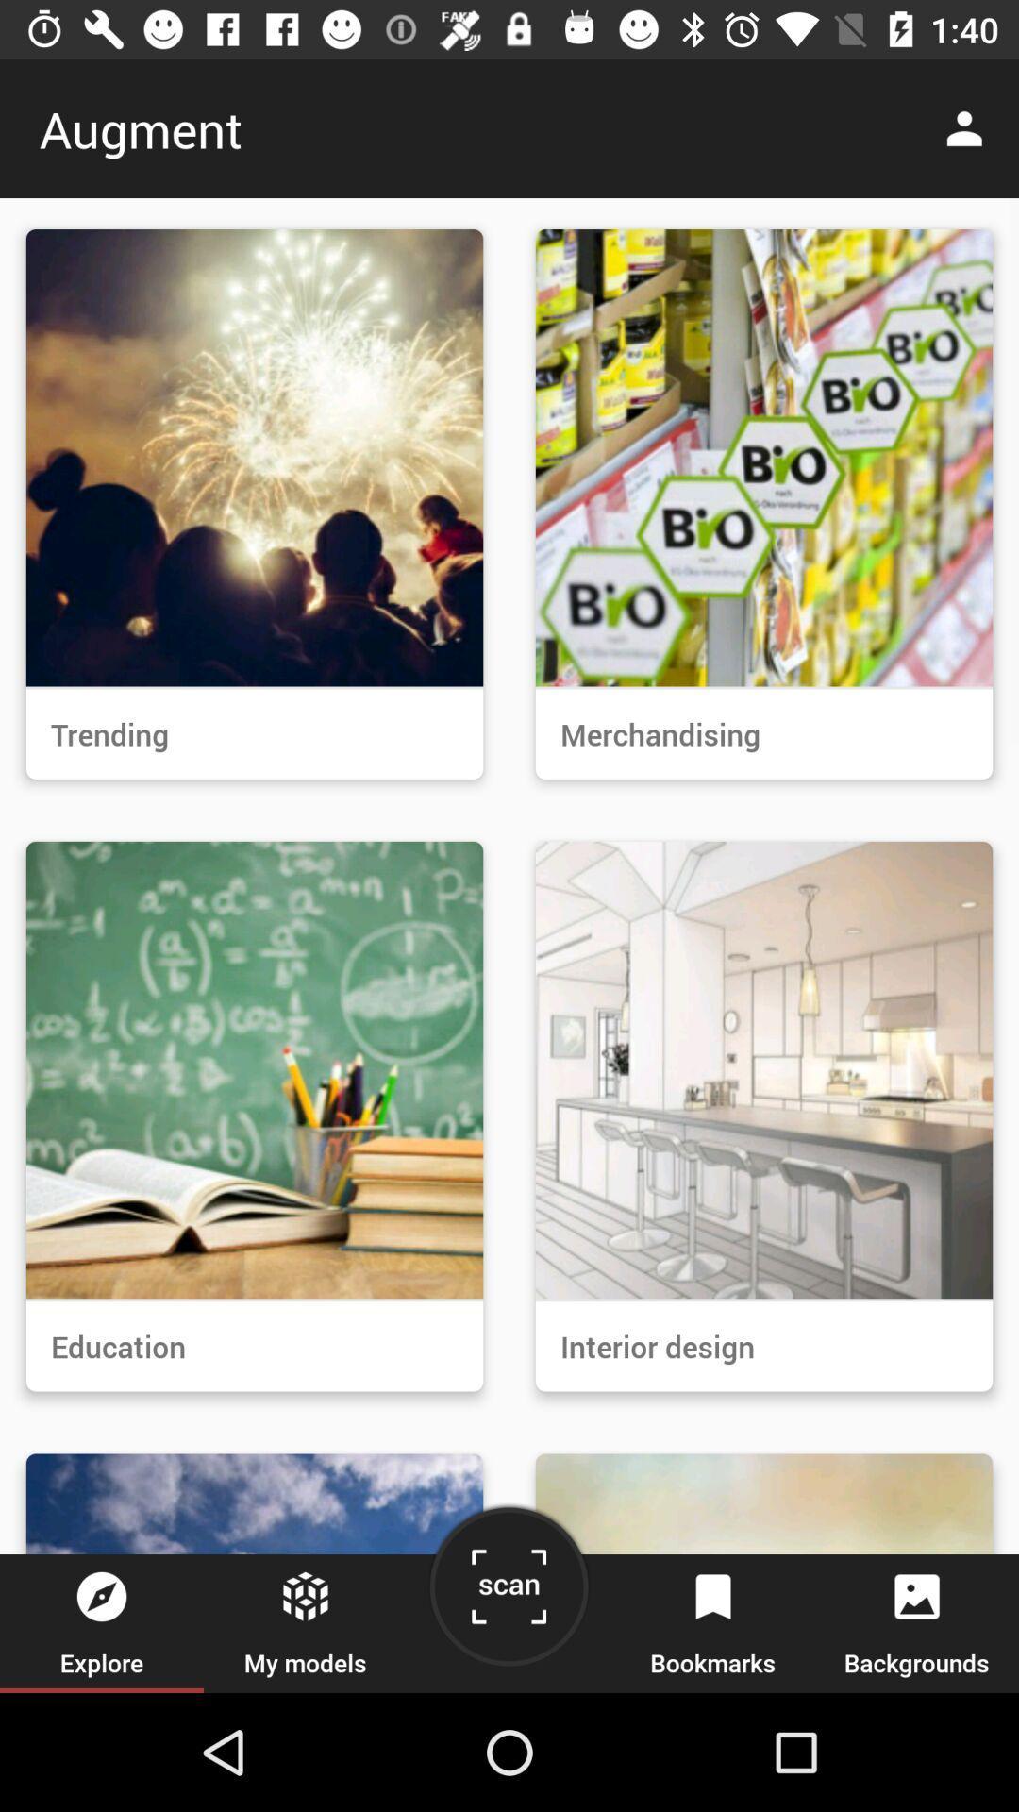 The image size is (1019, 1812). I want to click on icon below education, so click(508, 1593).